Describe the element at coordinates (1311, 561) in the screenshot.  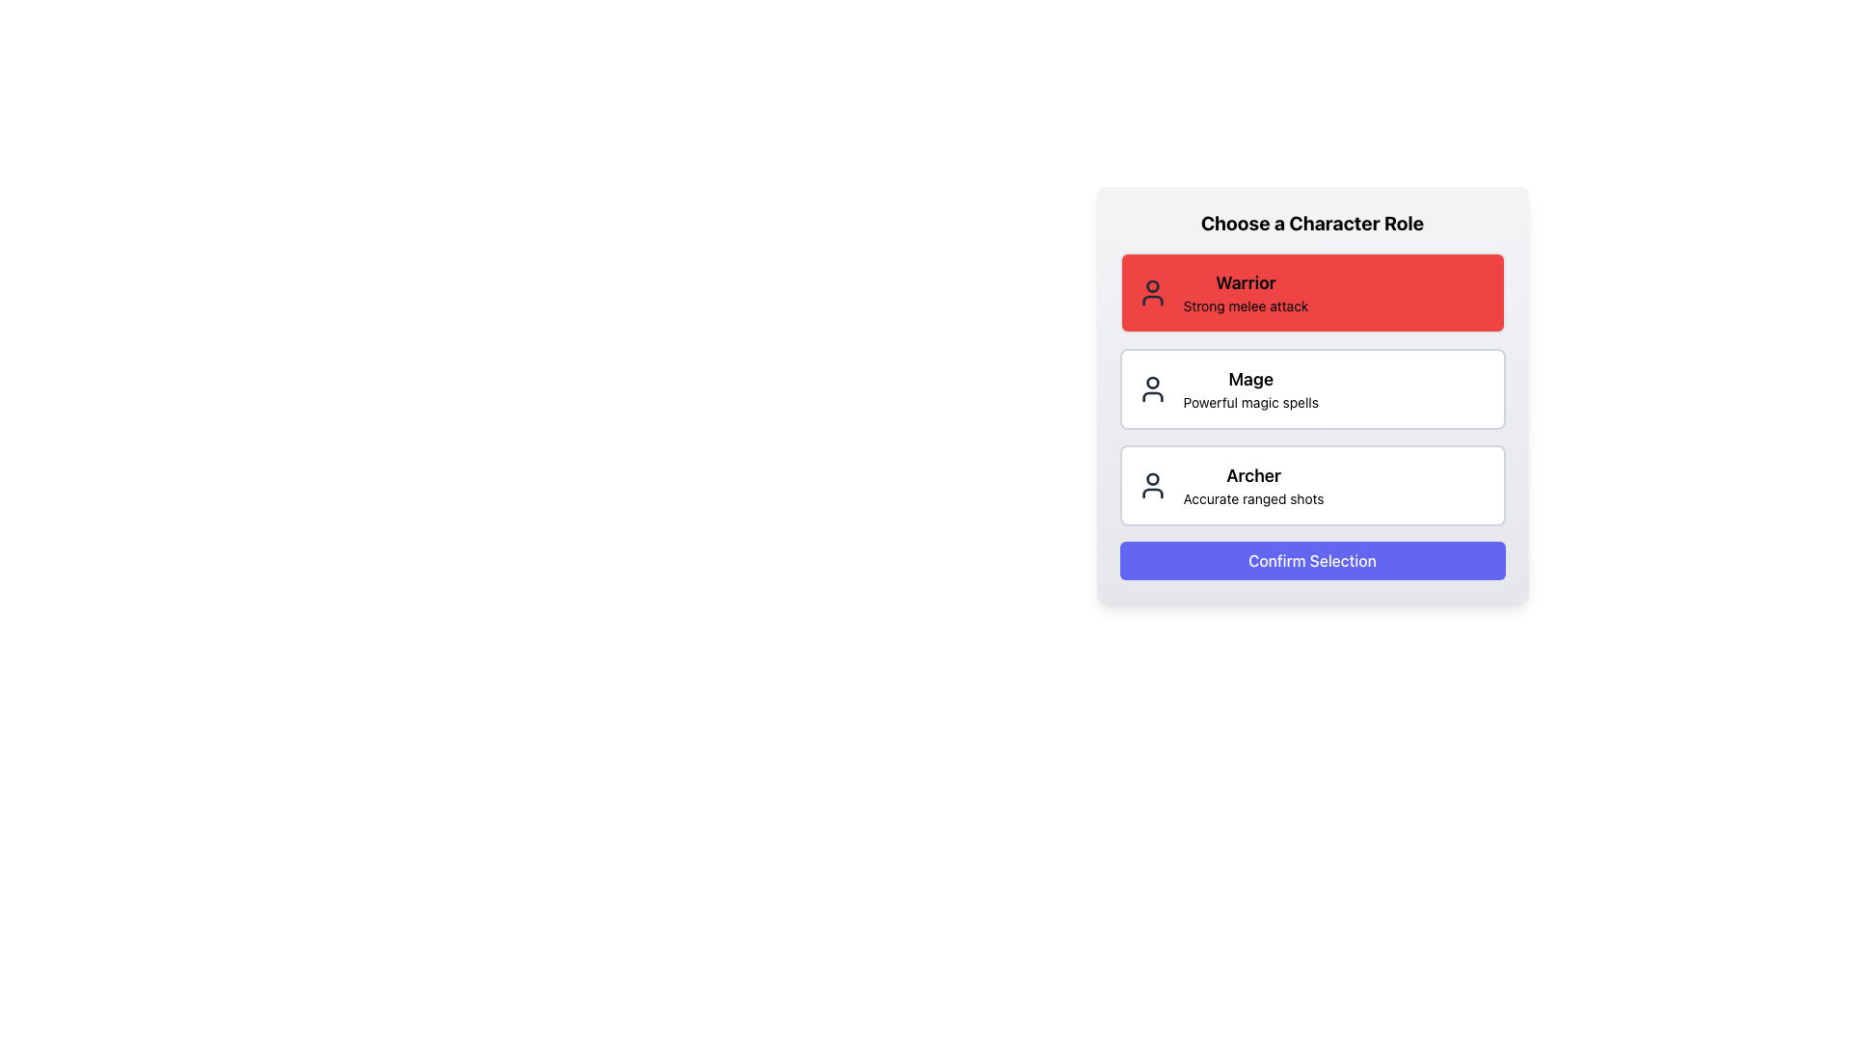
I see `the confirmation button located at the bottom of the interactive sections labeled 'Warrior', 'Mage', and 'Archer' to observe the hover effect` at that location.